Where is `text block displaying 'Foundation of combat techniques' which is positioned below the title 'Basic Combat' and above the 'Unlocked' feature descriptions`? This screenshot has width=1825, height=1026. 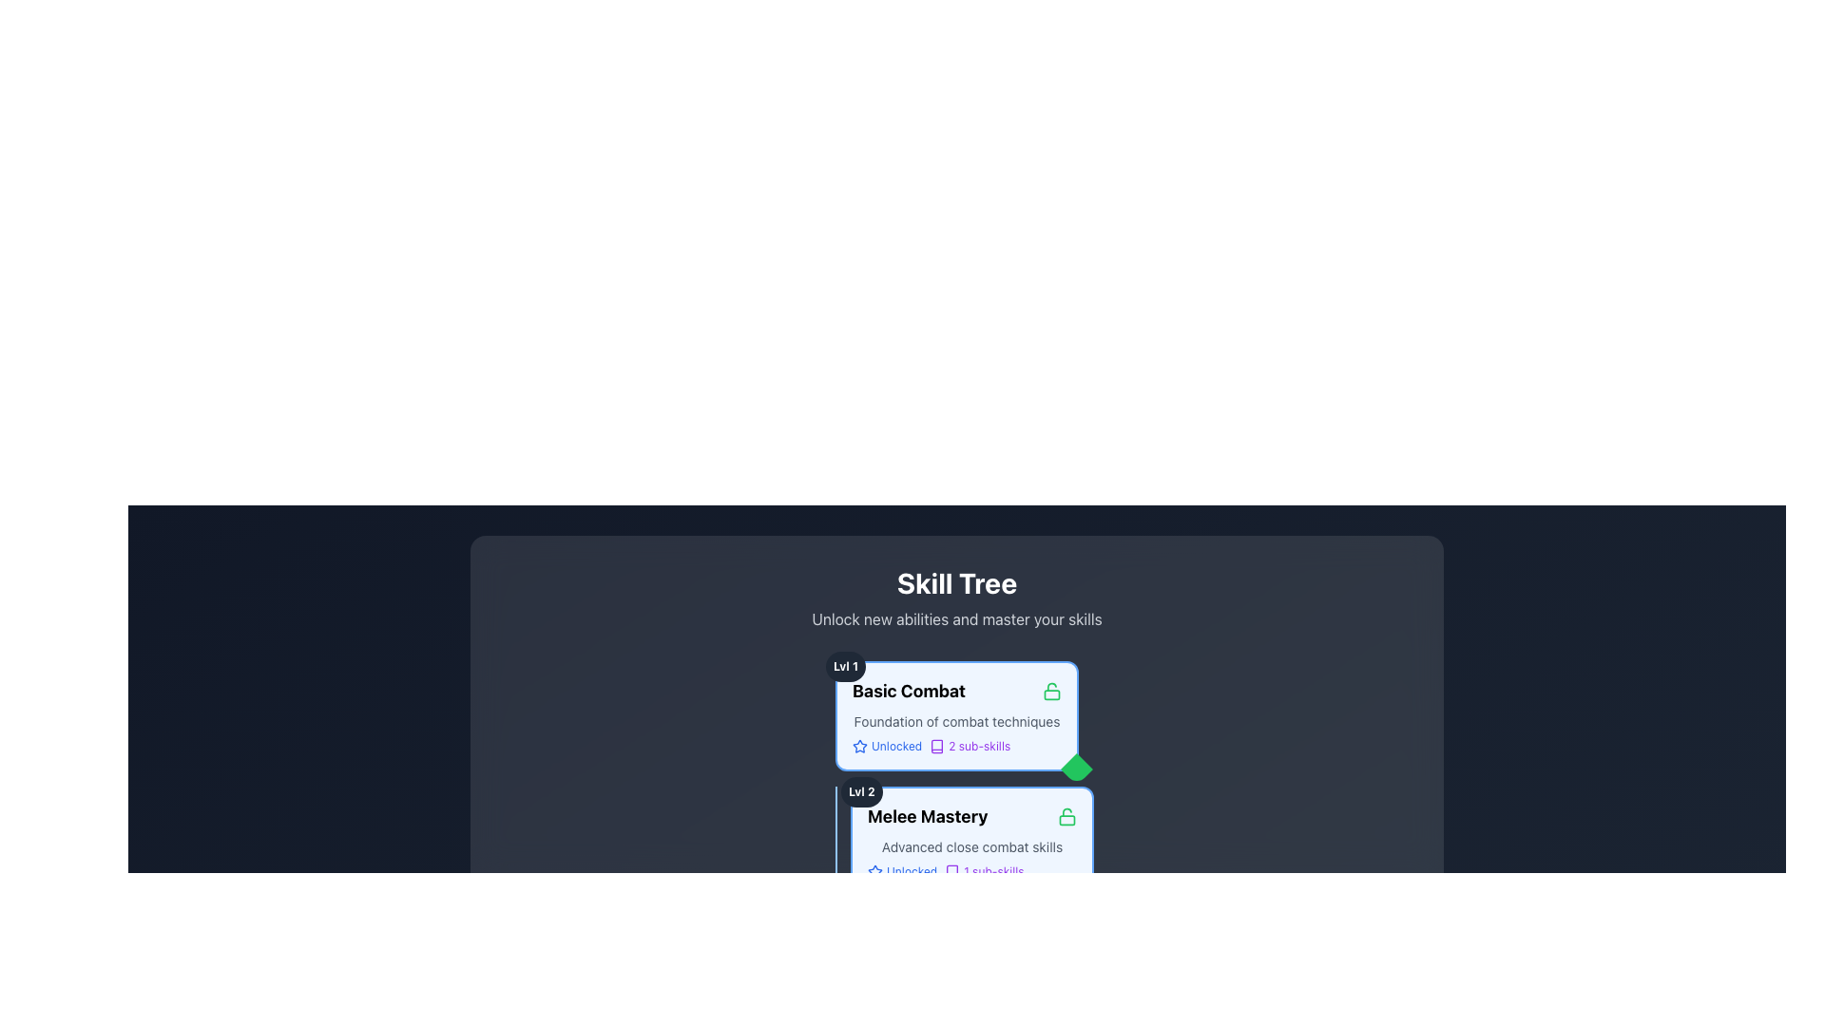
text block displaying 'Foundation of combat techniques' which is positioned below the title 'Basic Combat' and above the 'Unlocked' feature descriptions is located at coordinates (957, 721).